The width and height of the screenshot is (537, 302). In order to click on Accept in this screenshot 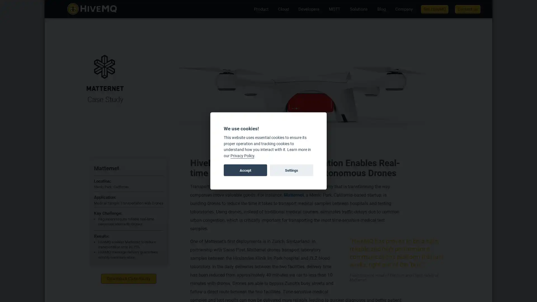, I will do `click(245, 170)`.